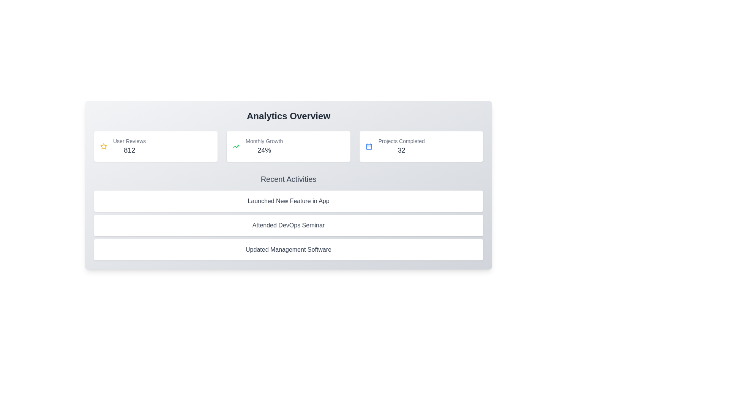 This screenshot has width=729, height=410. I want to click on the text label that displays the percentage growth value for the 'Monthly Growth' metric, which is located below the 'Monthly Growth' text in the top row of the layout, so click(264, 150).